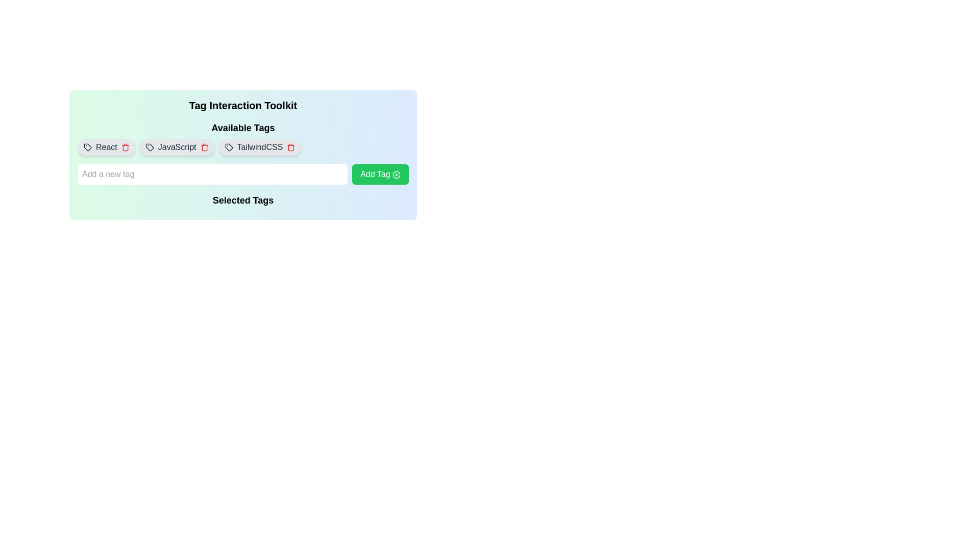  Describe the element at coordinates (125, 147) in the screenshot. I see `the red trash icon located on the right side of the 'React' tag in the 'Available Tags' section` at that location.